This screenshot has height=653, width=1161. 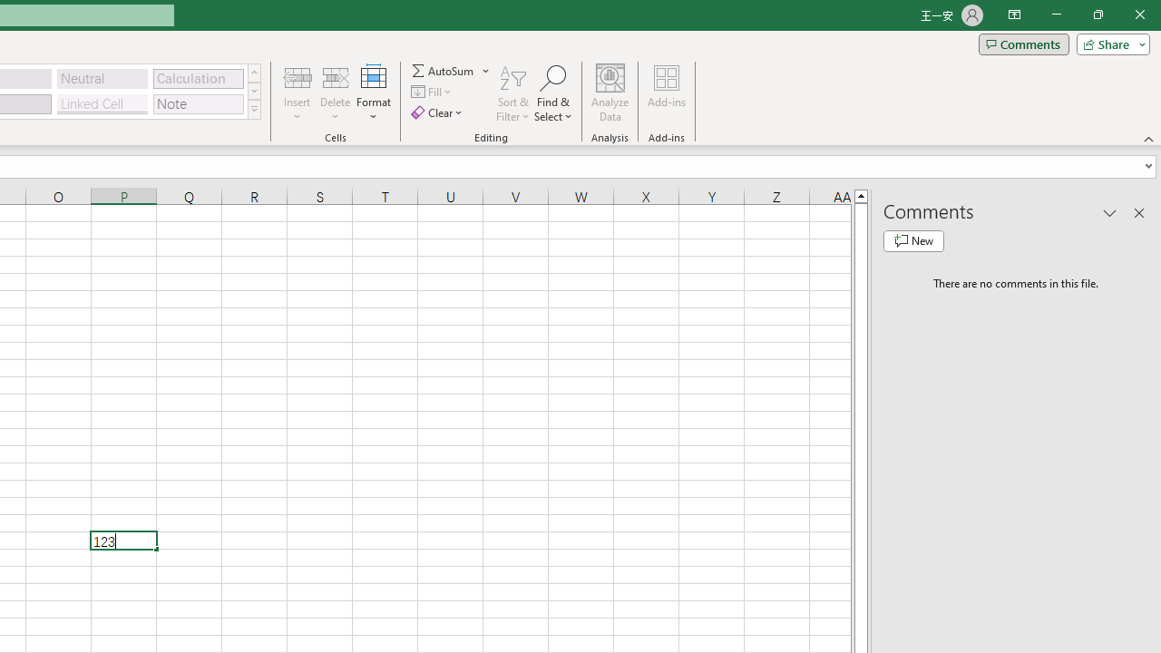 I want to click on 'New comment', so click(x=913, y=240).